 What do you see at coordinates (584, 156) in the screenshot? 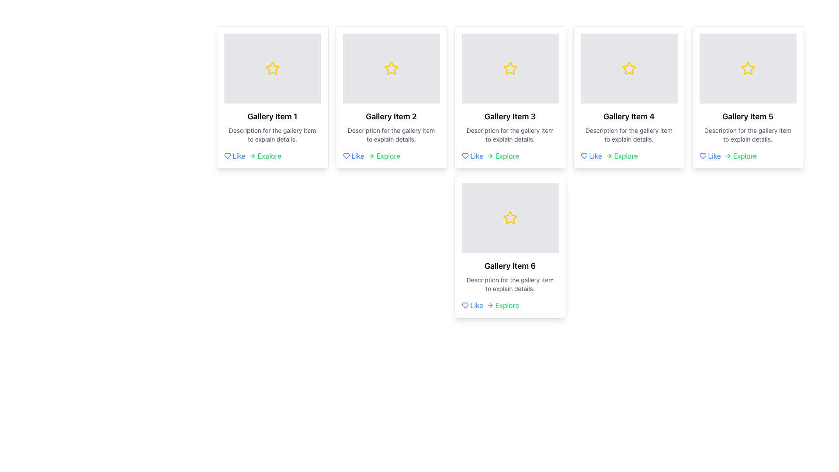
I see `the 'Like' icon located in the bottom-left corner of the card for 'Gallery Item 4'` at bounding box center [584, 156].